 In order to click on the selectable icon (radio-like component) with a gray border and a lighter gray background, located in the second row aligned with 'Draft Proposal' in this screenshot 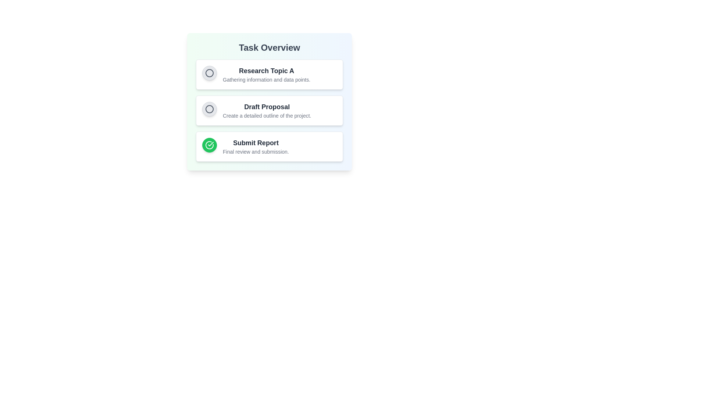, I will do `click(209, 109)`.